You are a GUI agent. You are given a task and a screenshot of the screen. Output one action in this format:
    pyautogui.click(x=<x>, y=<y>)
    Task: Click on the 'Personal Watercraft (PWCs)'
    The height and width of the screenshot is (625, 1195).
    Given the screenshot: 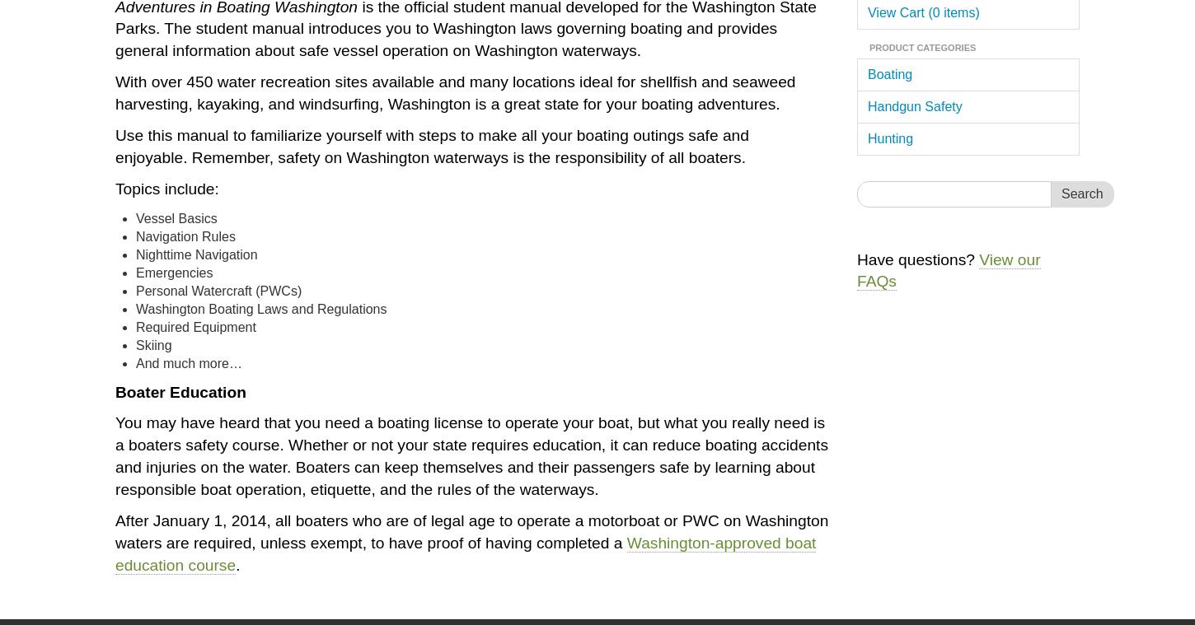 What is the action you would take?
    pyautogui.click(x=218, y=289)
    